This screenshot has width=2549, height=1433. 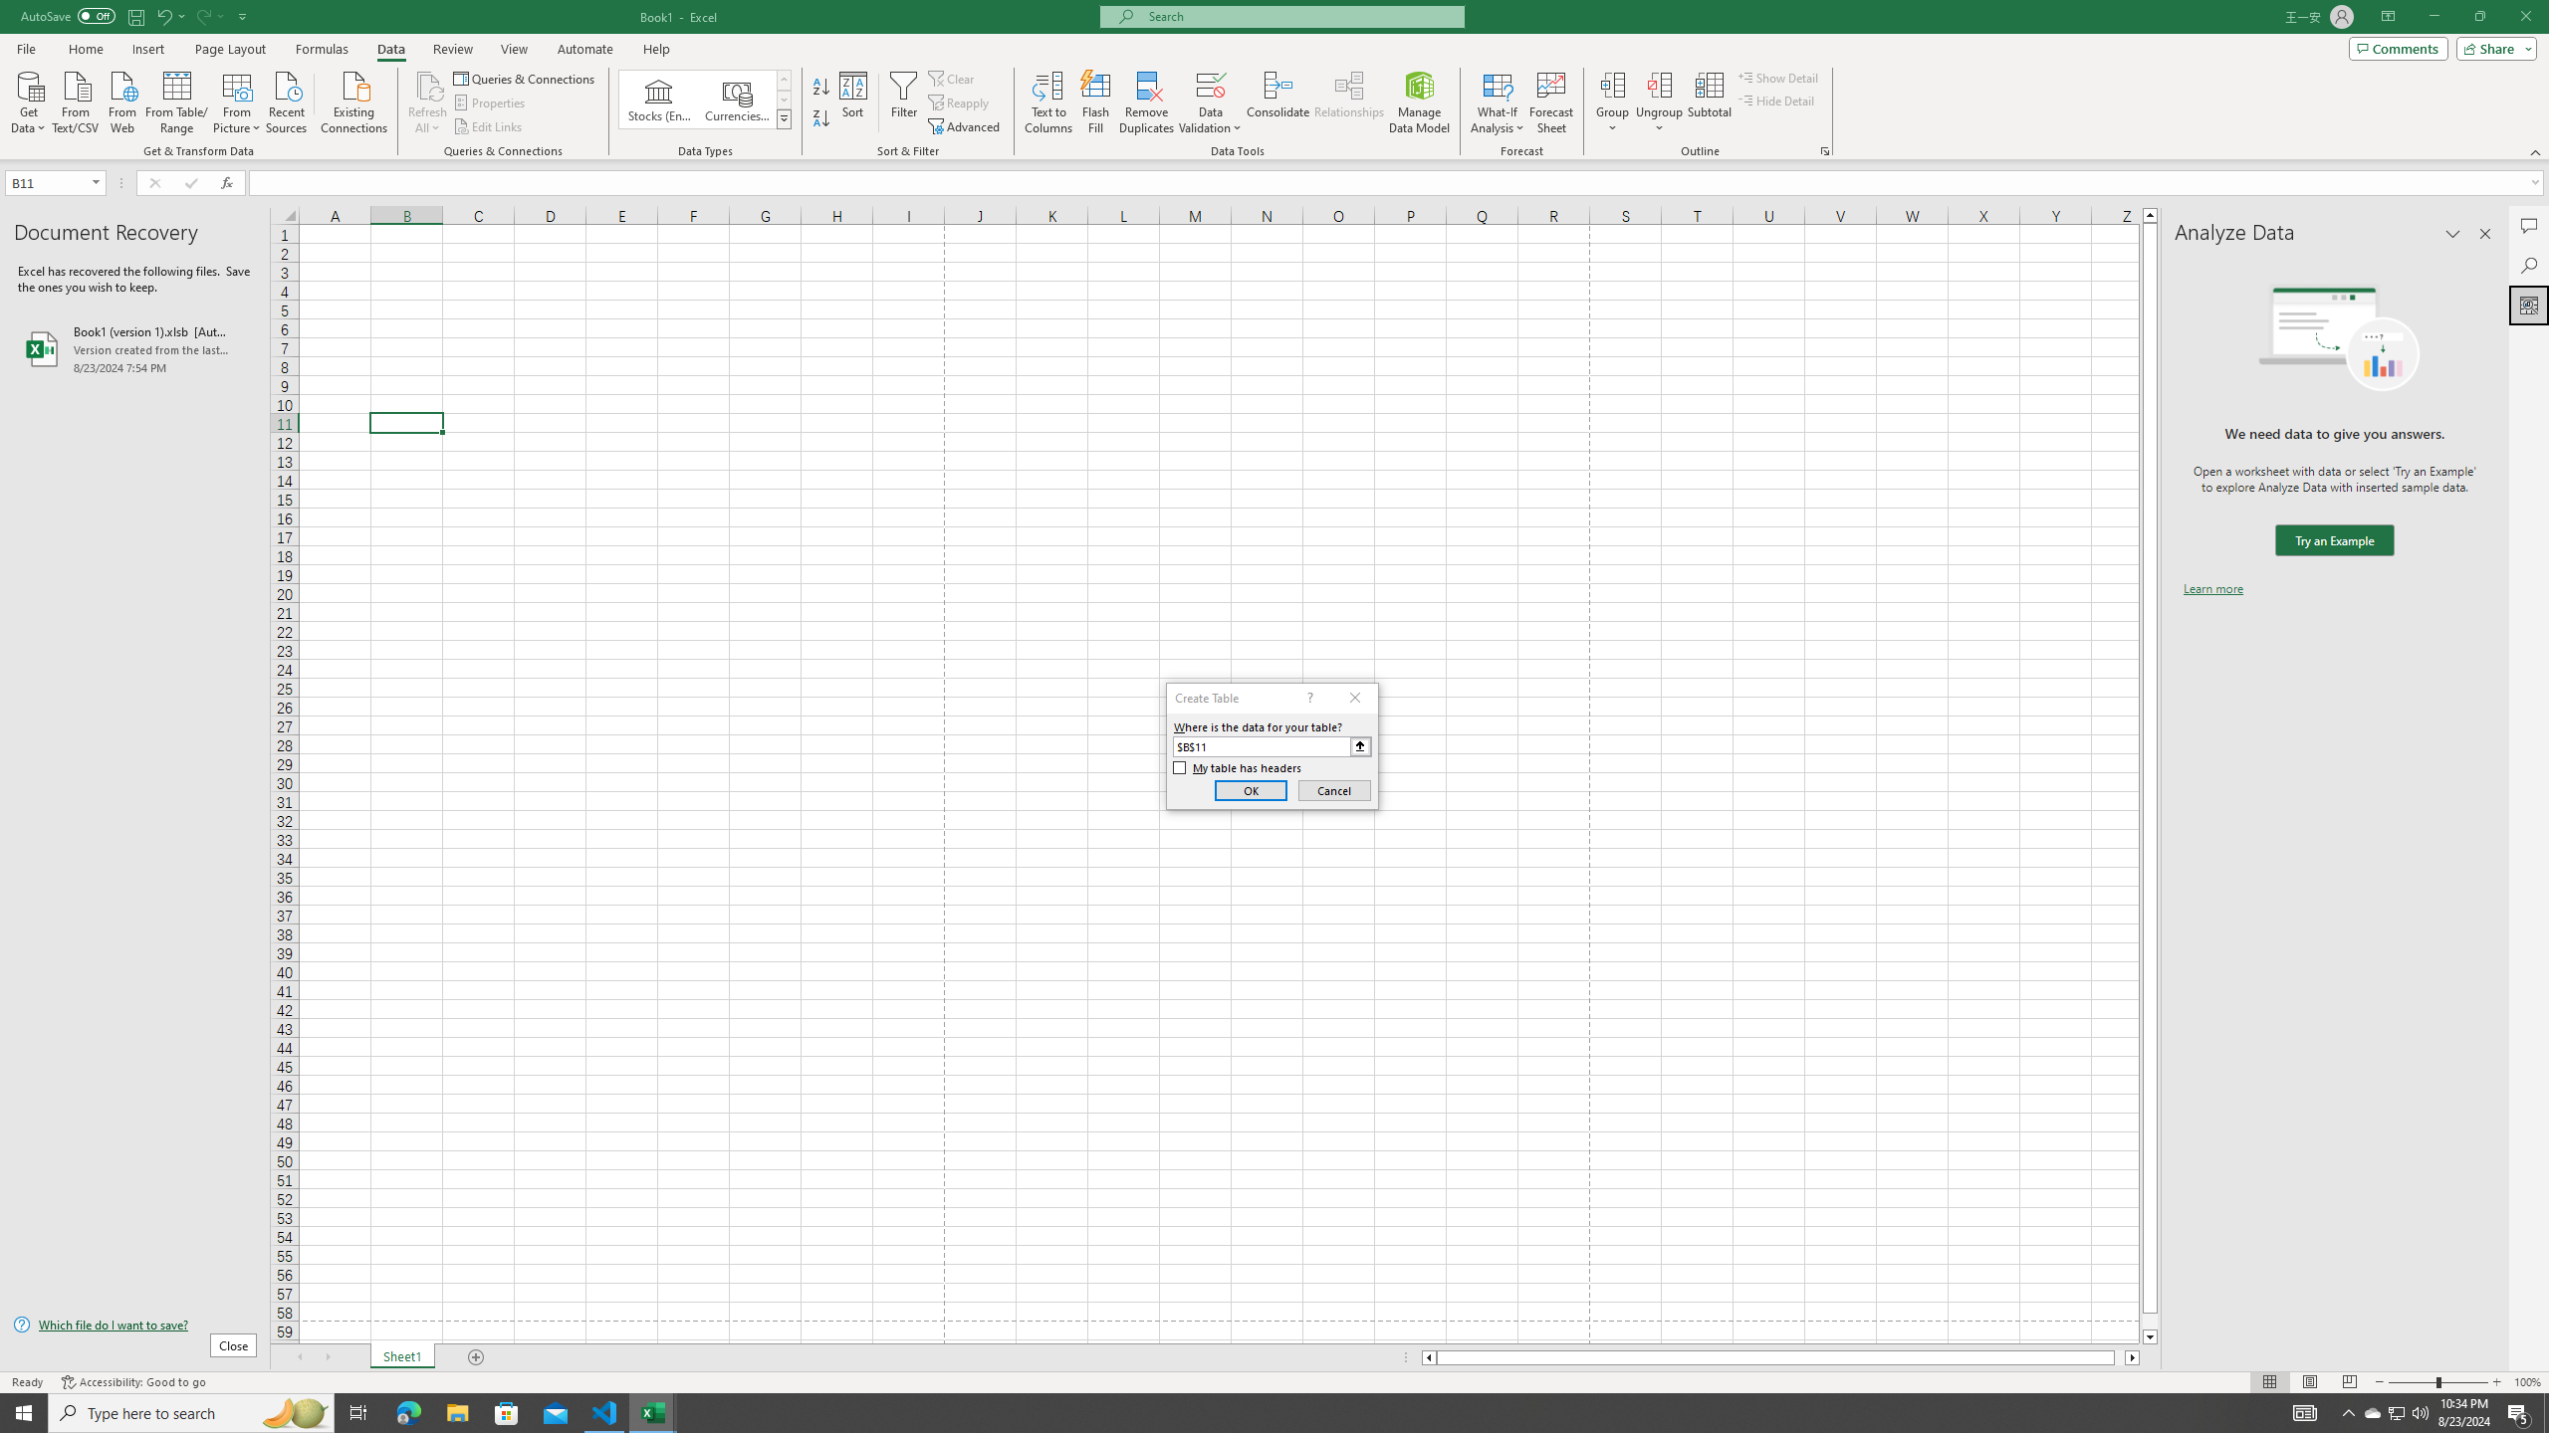 I want to click on 'Properties', so click(x=491, y=102).